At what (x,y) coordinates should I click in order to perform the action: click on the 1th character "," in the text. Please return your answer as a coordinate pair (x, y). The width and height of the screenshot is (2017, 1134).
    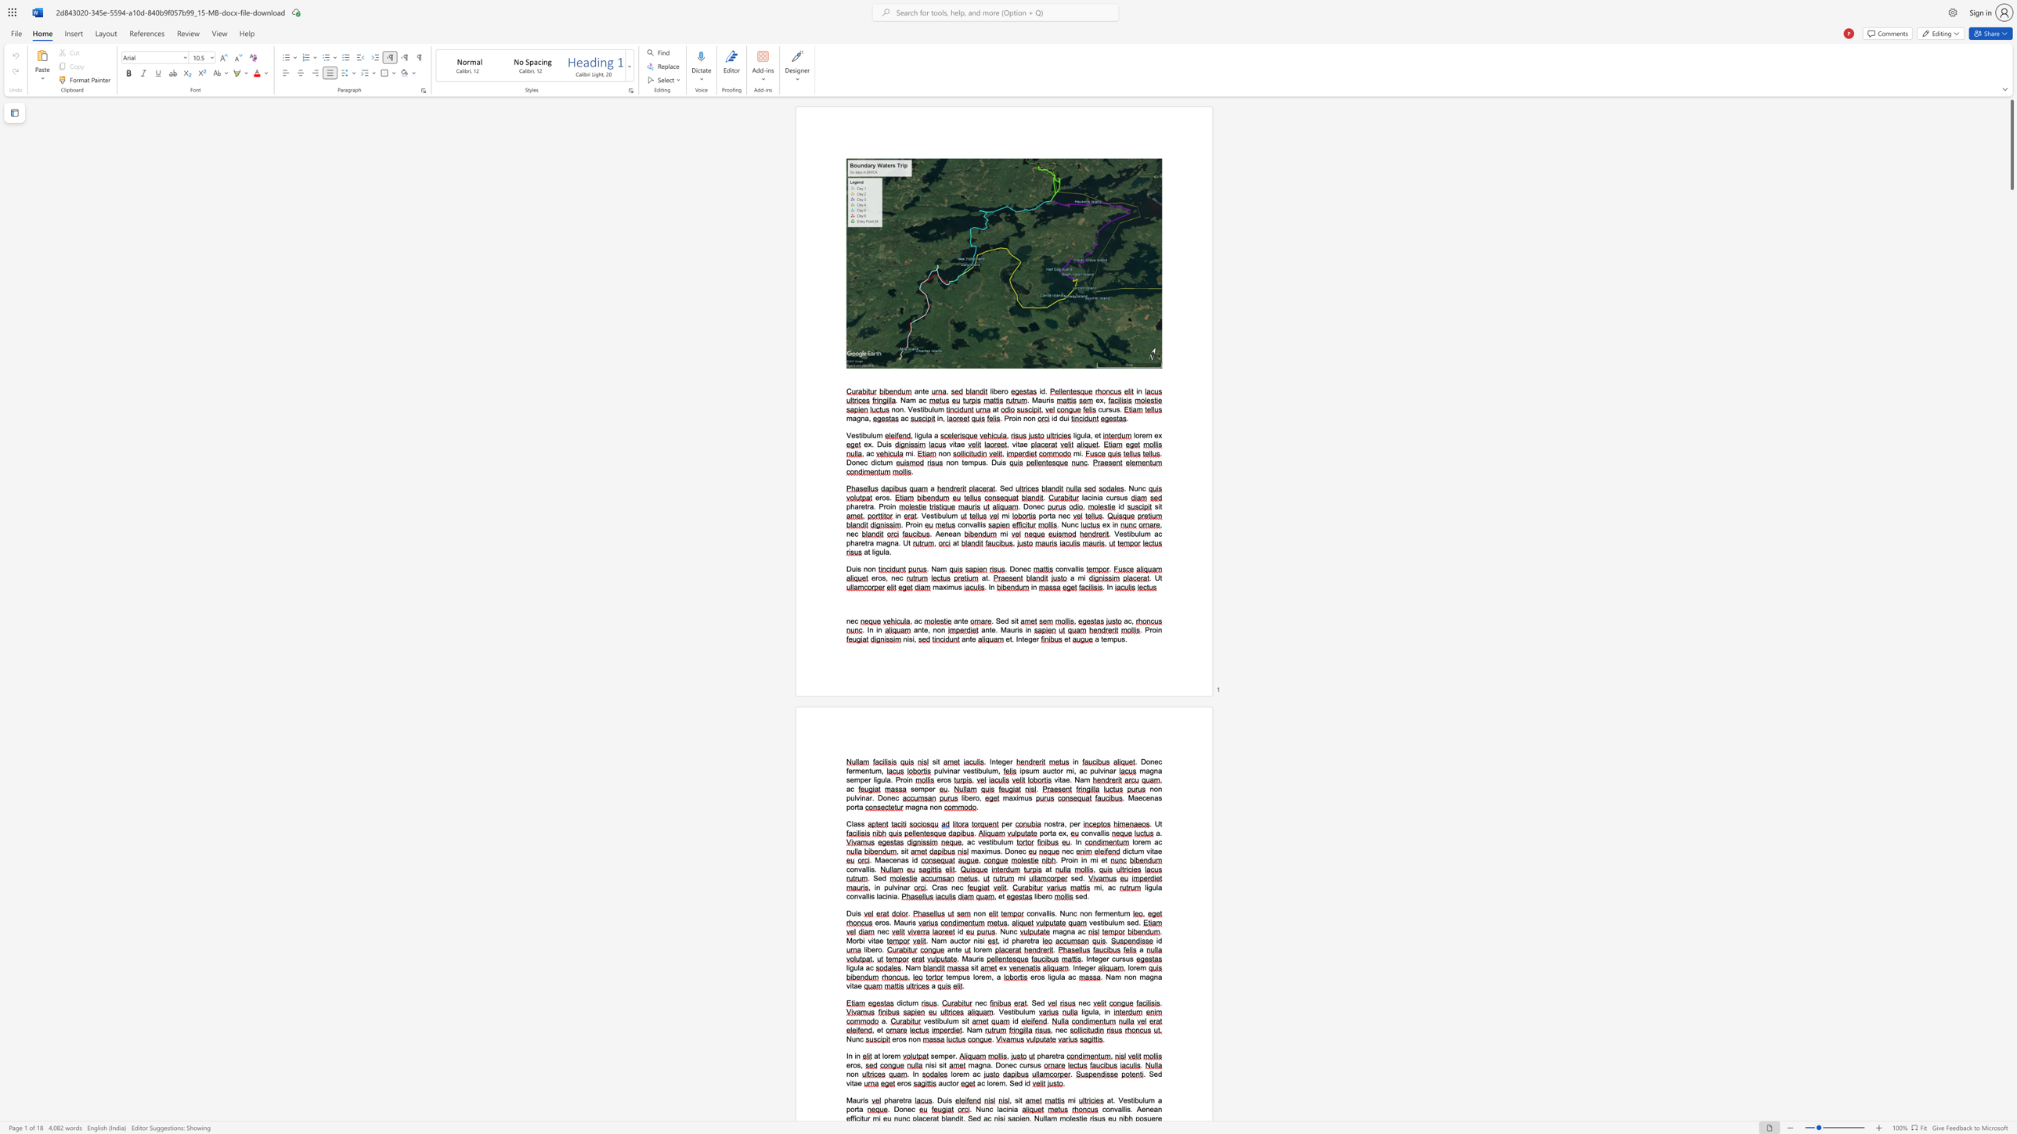
    Looking at the image, I should click on (962, 842).